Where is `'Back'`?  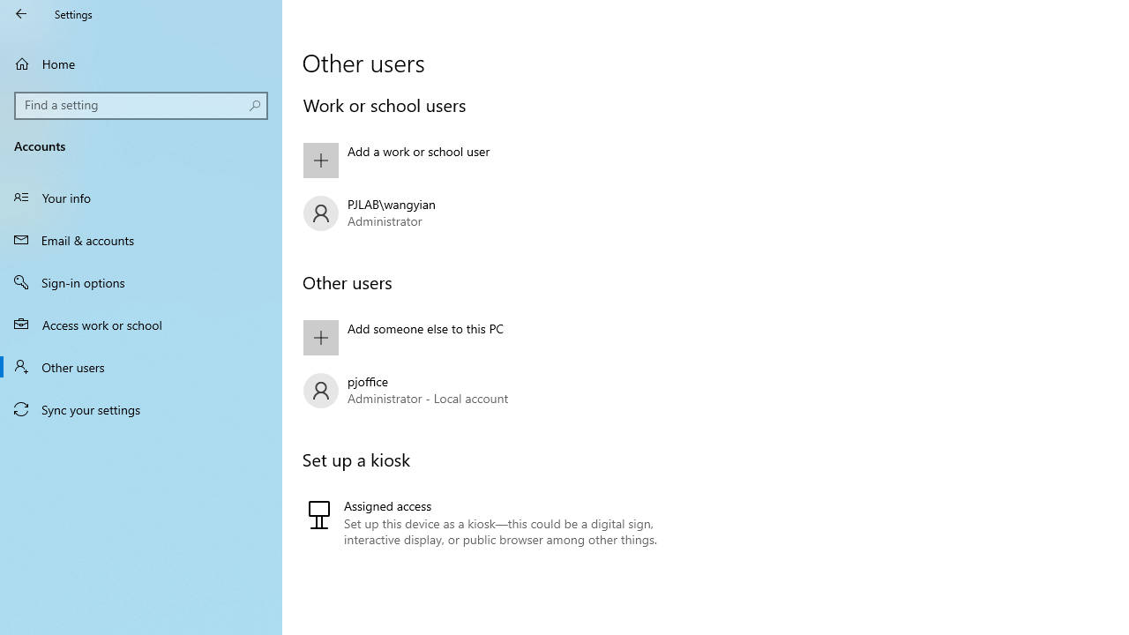 'Back' is located at coordinates (21, 13).